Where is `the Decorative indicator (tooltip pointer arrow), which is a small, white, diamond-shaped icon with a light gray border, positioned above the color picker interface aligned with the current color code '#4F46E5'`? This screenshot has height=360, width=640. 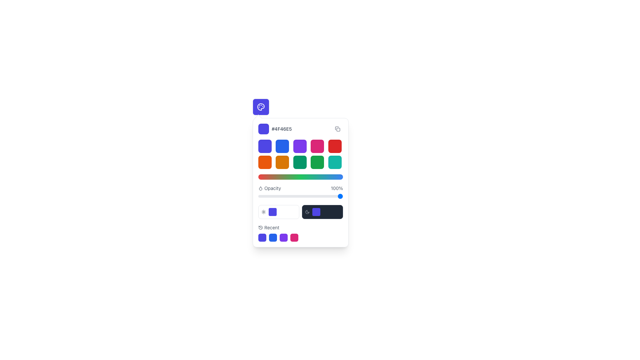 the Decorative indicator (tooltip pointer arrow), which is a small, white, diamond-shaped icon with a light gray border, positioned above the color picker interface aligned with the current color code '#4F46E5' is located at coordinates (258, 118).